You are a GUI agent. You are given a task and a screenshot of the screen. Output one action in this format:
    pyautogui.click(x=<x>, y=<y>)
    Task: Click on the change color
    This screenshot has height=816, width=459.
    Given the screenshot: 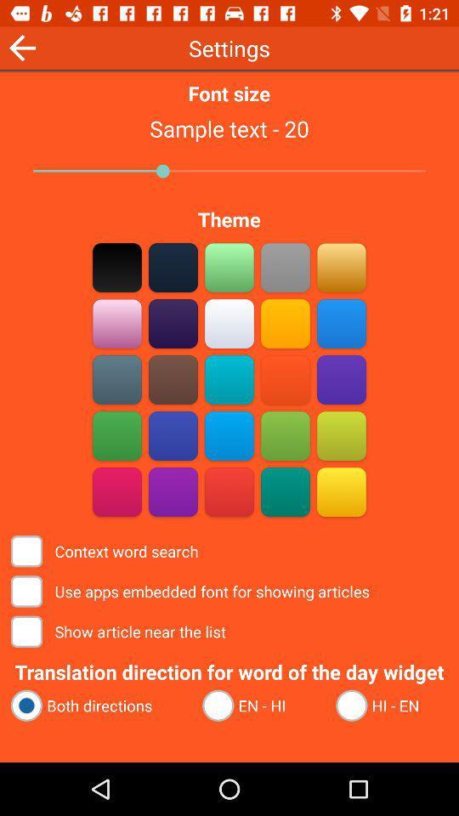 What is the action you would take?
    pyautogui.click(x=173, y=323)
    